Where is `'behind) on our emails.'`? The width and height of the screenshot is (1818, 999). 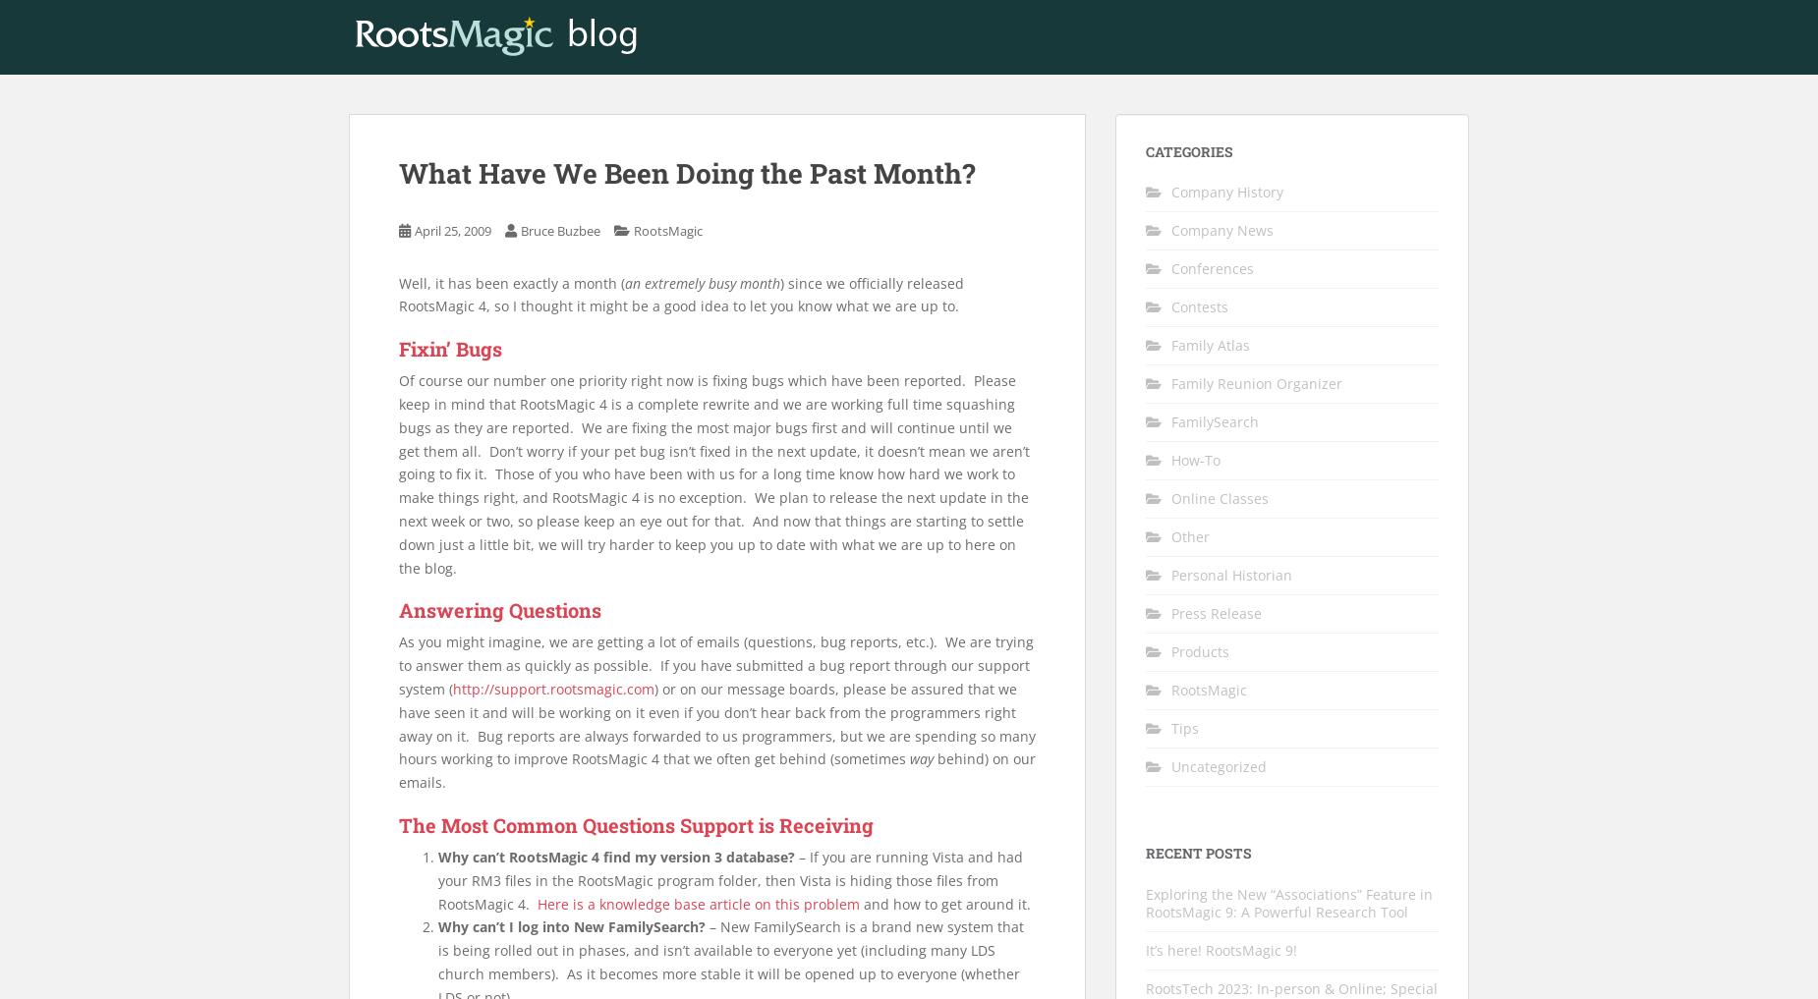 'behind) on our emails.' is located at coordinates (717, 770).